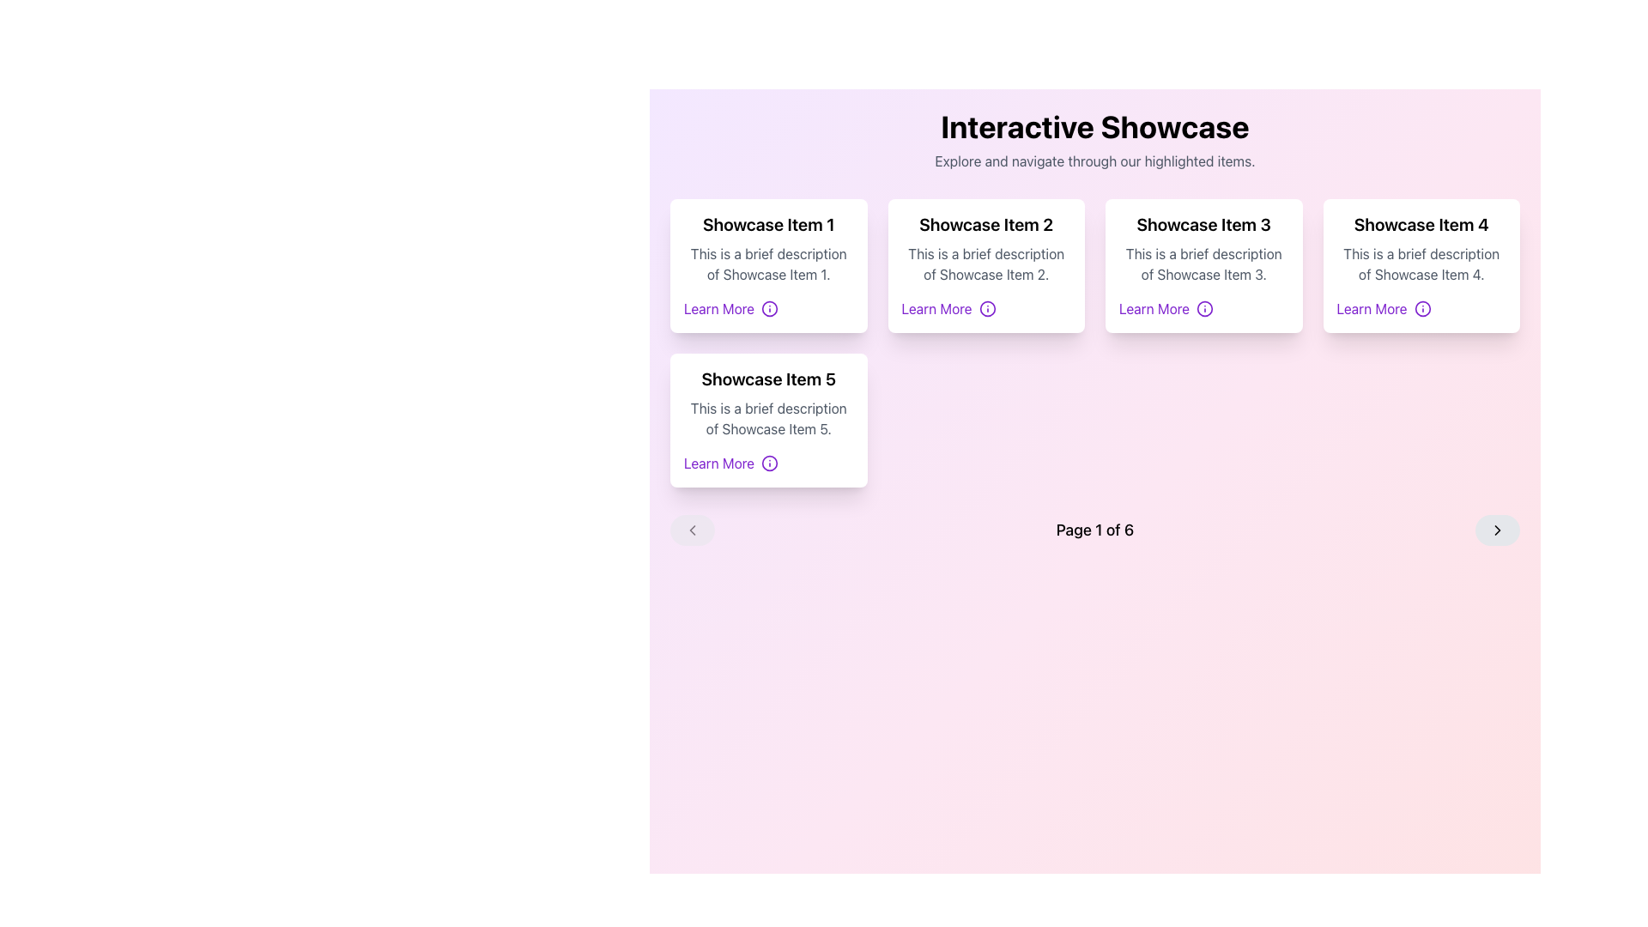  Describe the element at coordinates (692, 529) in the screenshot. I see `the 'previous' button located inside an SVG element at the bottom left of the interface` at that location.